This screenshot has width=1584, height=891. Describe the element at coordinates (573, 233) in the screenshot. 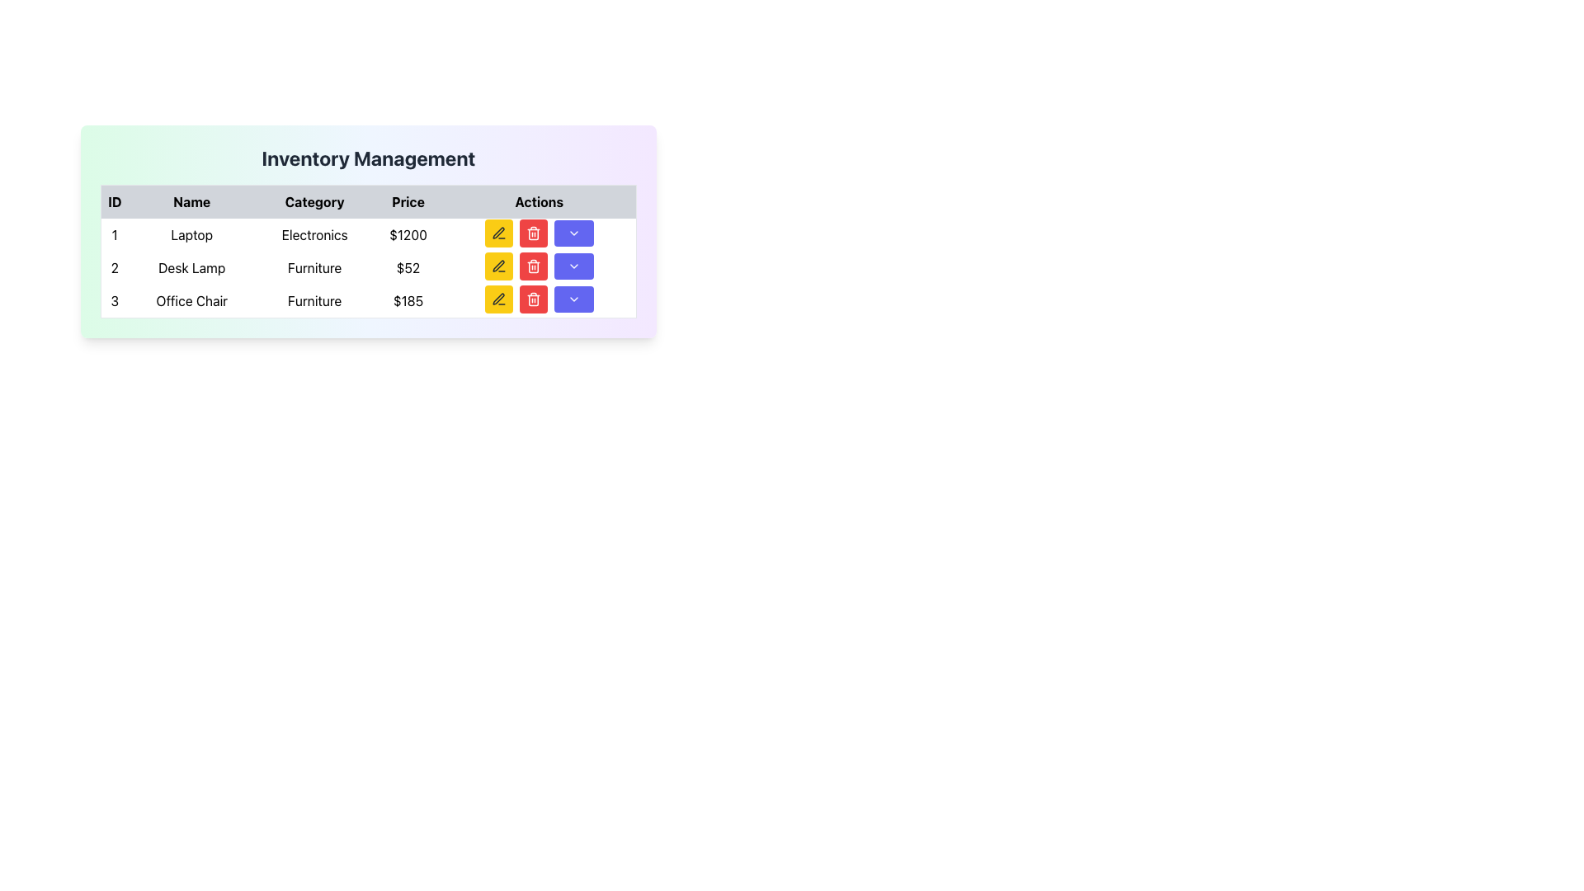

I see `the Dropdown Trigger Icon located in the first row of the data table's 'Actions' column` at that location.